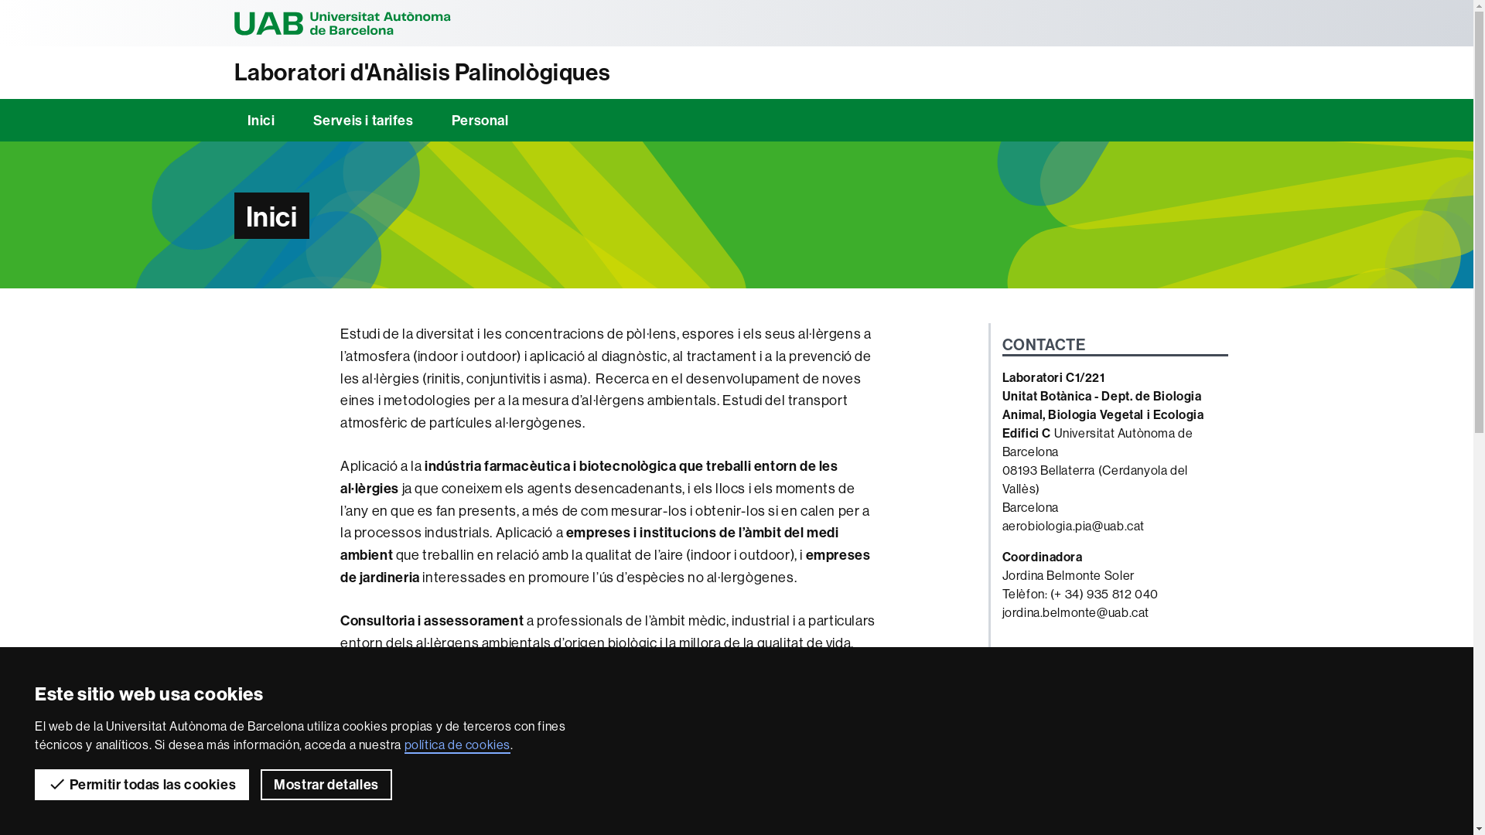 Image resolution: width=1485 pixels, height=835 pixels. What do you see at coordinates (260, 119) in the screenshot?
I see `'Inici'` at bounding box center [260, 119].